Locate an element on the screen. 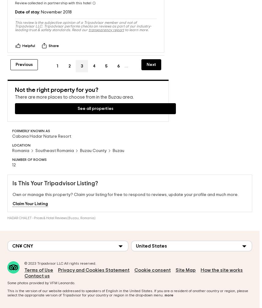 Image resolution: width=262 pixels, height=308 pixels. 'November 2018' is located at coordinates (56, 5).